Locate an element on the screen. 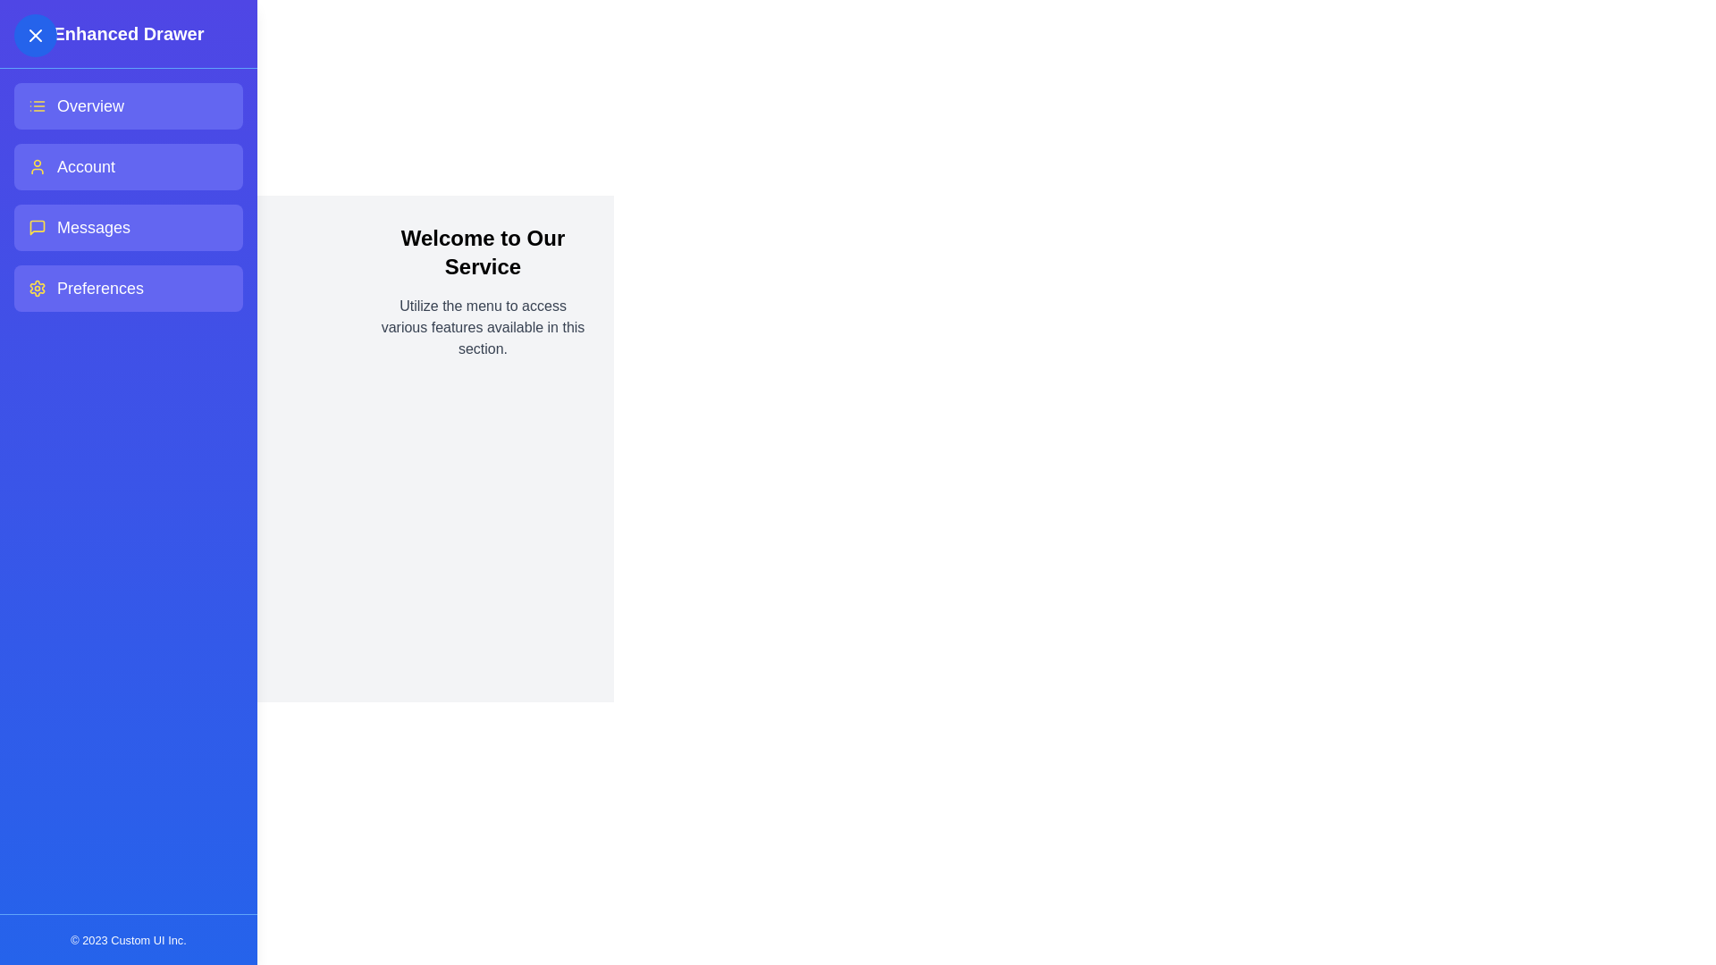 This screenshot has height=965, width=1716. the circular blue button with a white 'X' icon at its center for accessibility is located at coordinates (35, 35).